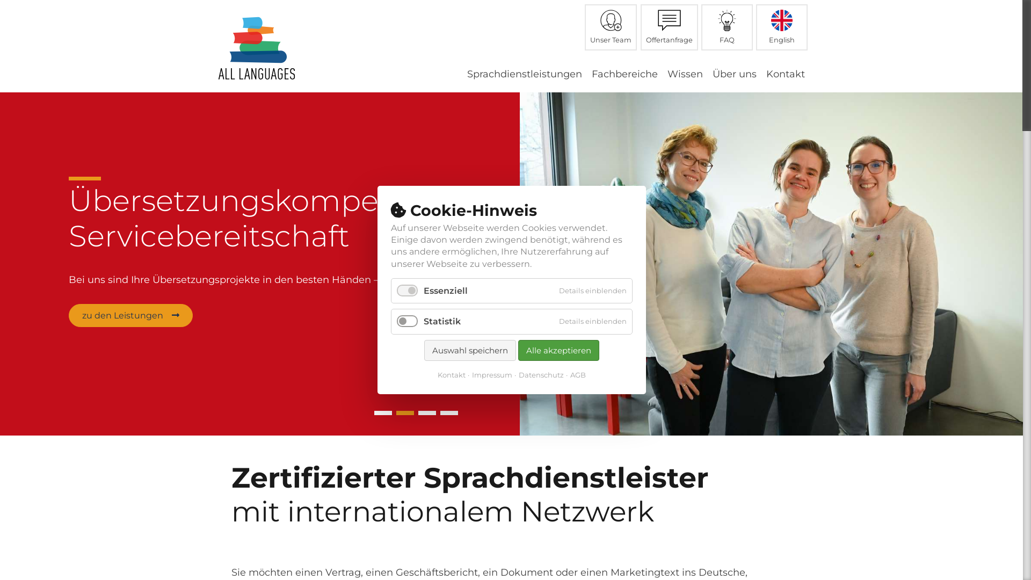 The height and width of the screenshot is (580, 1031). Describe the element at coordinates (256, 47) in the screenshot. I see `'Zur Startseite'` at that location.